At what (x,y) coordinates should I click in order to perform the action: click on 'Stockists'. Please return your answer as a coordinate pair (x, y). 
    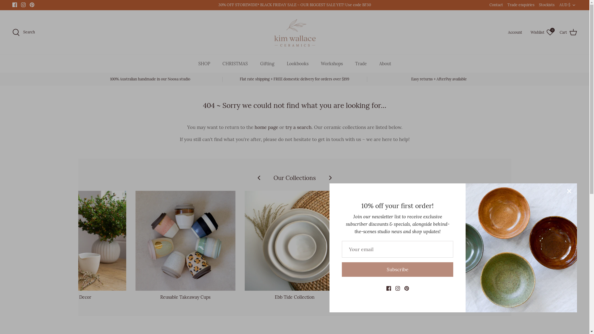
    Looking at the image, I should click on (547, 5).